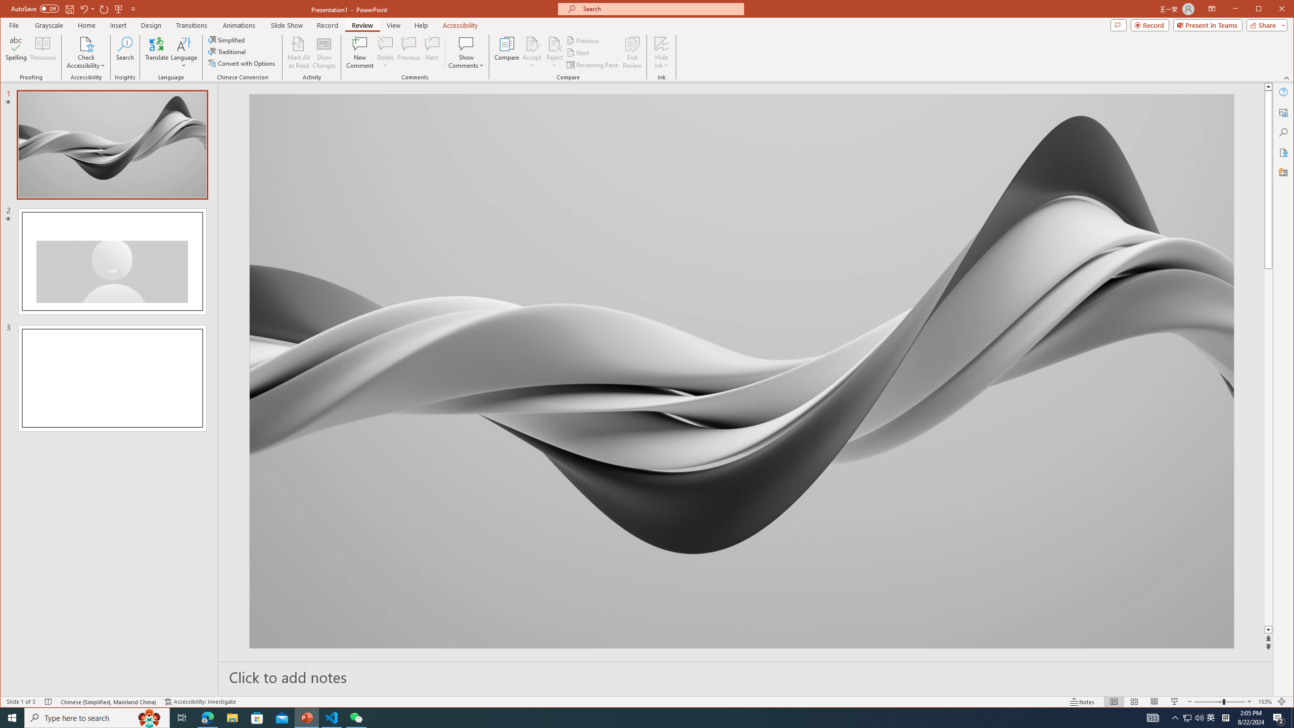 The height and width of the screenshot is (728, 1294). What do you see at coordinates (156, 52) in the screenshot?
I see `'Translate'` at bounding box center [156, 52].